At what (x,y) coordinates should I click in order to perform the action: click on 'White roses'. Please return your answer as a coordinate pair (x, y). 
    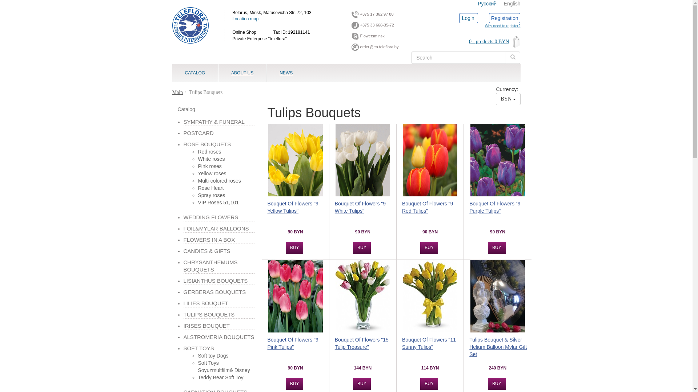
    Looking at the image, I should click on (210, 159).